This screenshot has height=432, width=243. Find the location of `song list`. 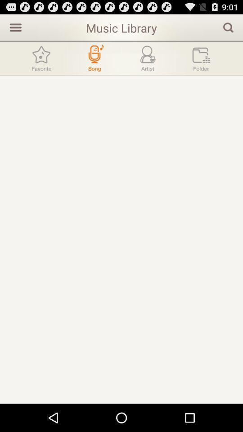

song list is located at coordinates (94, 58).